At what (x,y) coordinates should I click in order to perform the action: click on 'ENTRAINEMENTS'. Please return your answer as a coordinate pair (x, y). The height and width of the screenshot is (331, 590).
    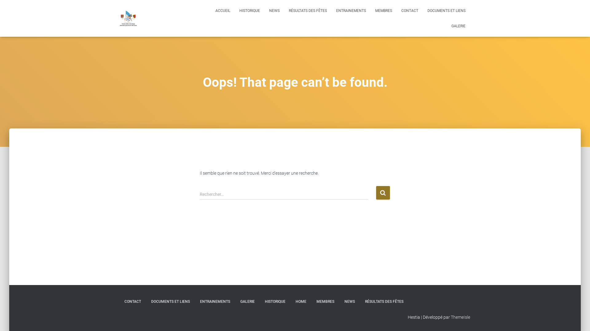
    Looking at the image, I should click on (331, 10).